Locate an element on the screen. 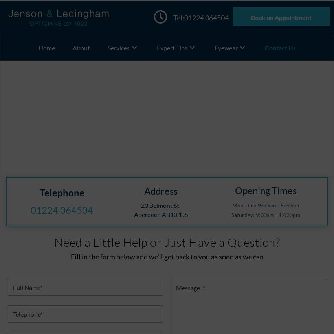 The height and width of the screenshot is (334, 334). 'Eyewear' is located at coordinates (214, 47).